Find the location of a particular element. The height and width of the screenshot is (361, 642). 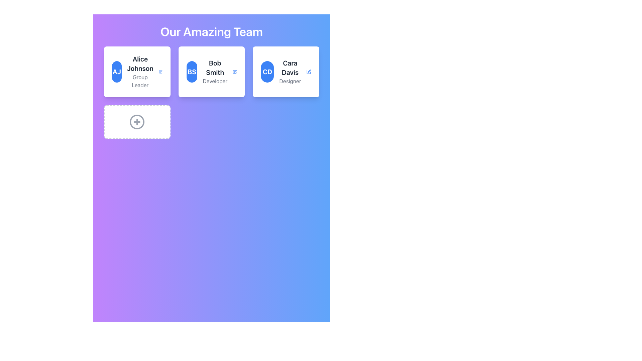

the circular outline icon with a plus symbol, located in the row of cards under the heading 'Our Amazing Team' is located at coordinates (137, 122).